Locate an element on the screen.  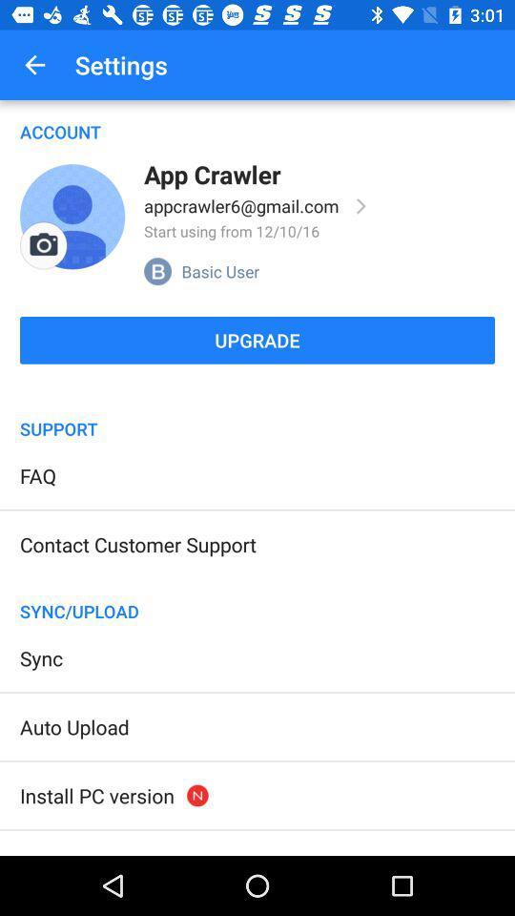
next is located at coordinates (361, 206).